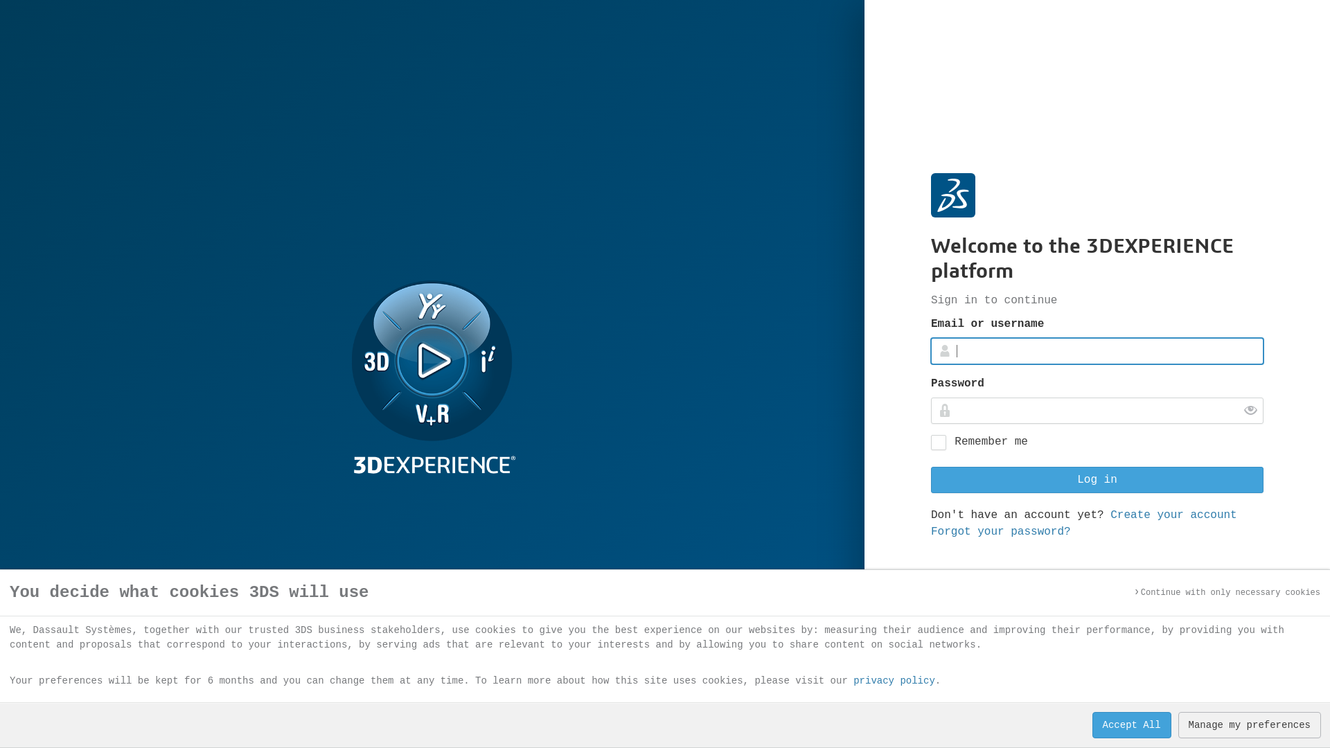 The image size is (1330, 748). Describe the element at coordinates (1173, 515) in the screenshot. I see `'Create your account'` at that location.